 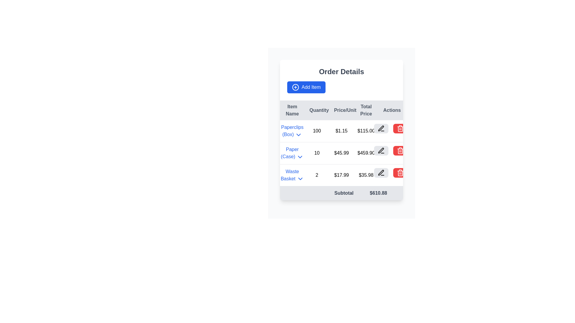 What do you see at coordinates (391, 173) in the screenshot?
I see `the delete button located in the 'Actions' column of the last row in the order table` at bounding box center [391, 173].